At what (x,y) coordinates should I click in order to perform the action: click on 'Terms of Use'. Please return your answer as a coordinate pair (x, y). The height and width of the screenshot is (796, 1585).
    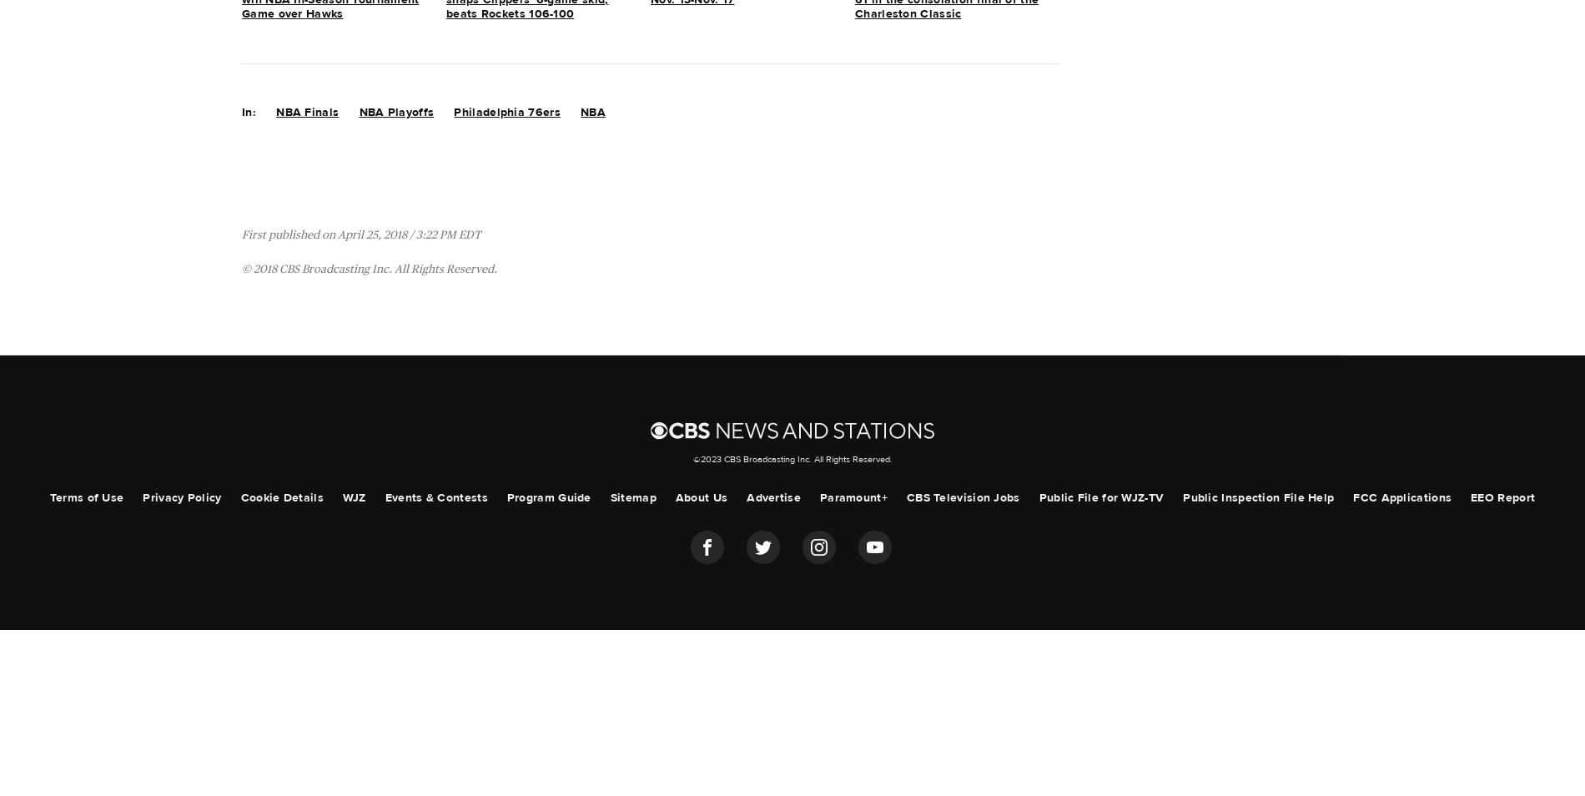
    Looking at the image, I should click on (86, 496).